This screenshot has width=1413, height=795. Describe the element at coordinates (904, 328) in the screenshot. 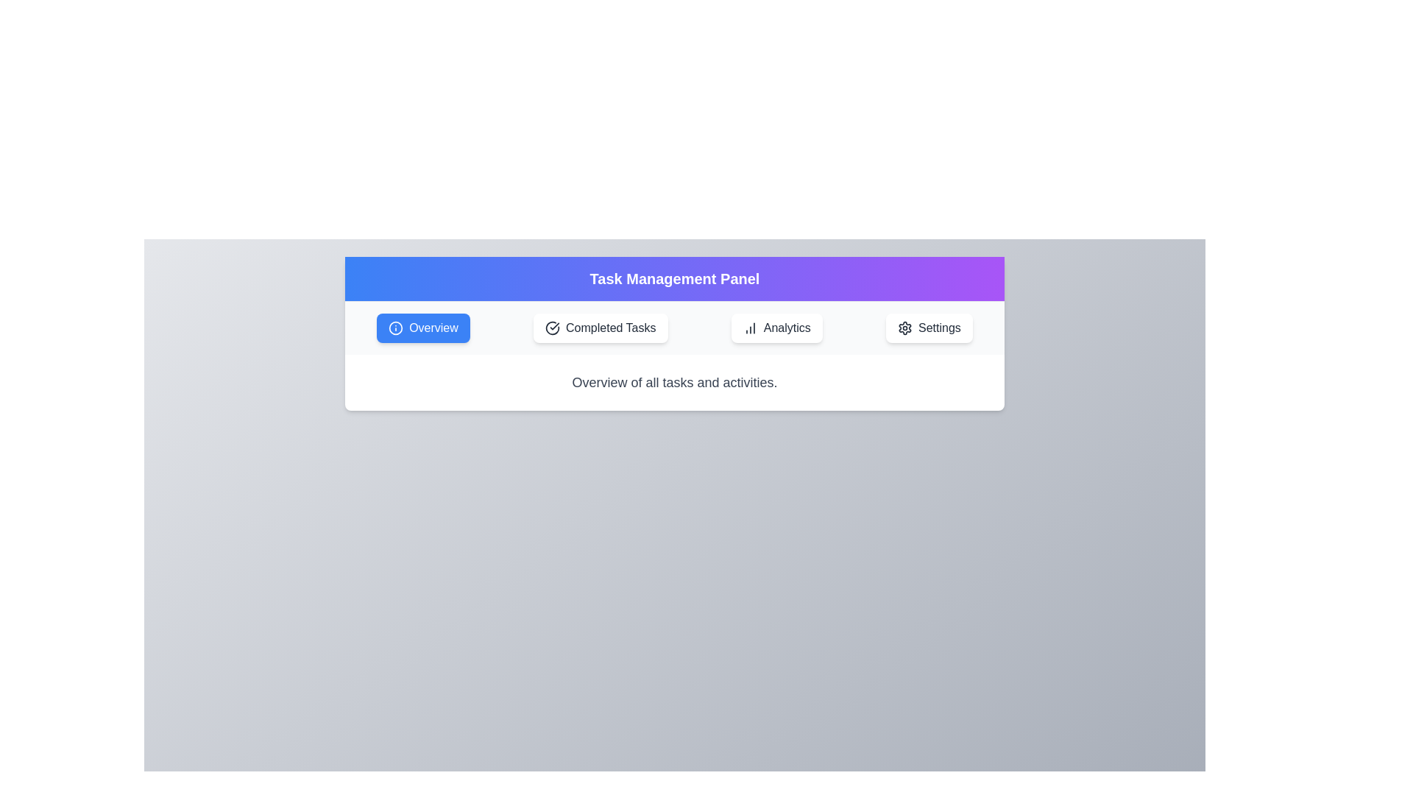

I see `the 'Settings' icon located on the rightmost side of the horizontal navigation bar` at that location.